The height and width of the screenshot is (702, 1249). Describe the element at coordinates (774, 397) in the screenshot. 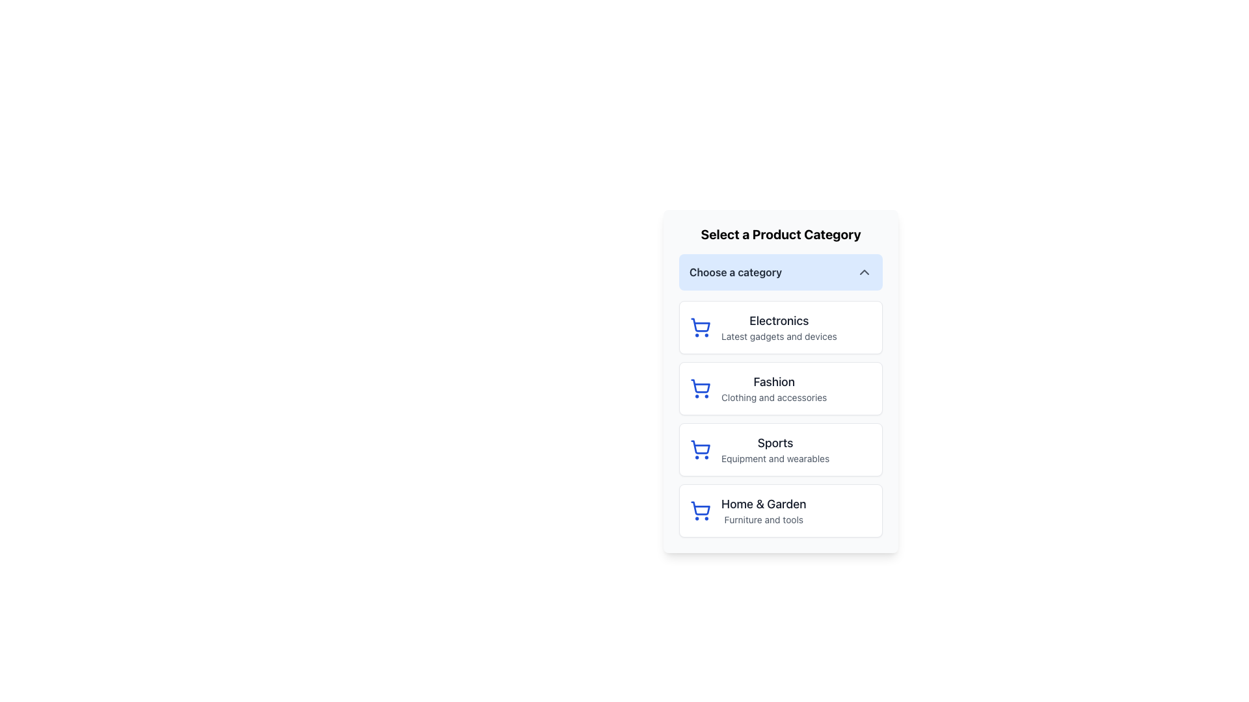

I see `the static text element displaying 'Clothing and accessories', which is styled in a smaller gray font and located below the 'Fashion' header` at that location.